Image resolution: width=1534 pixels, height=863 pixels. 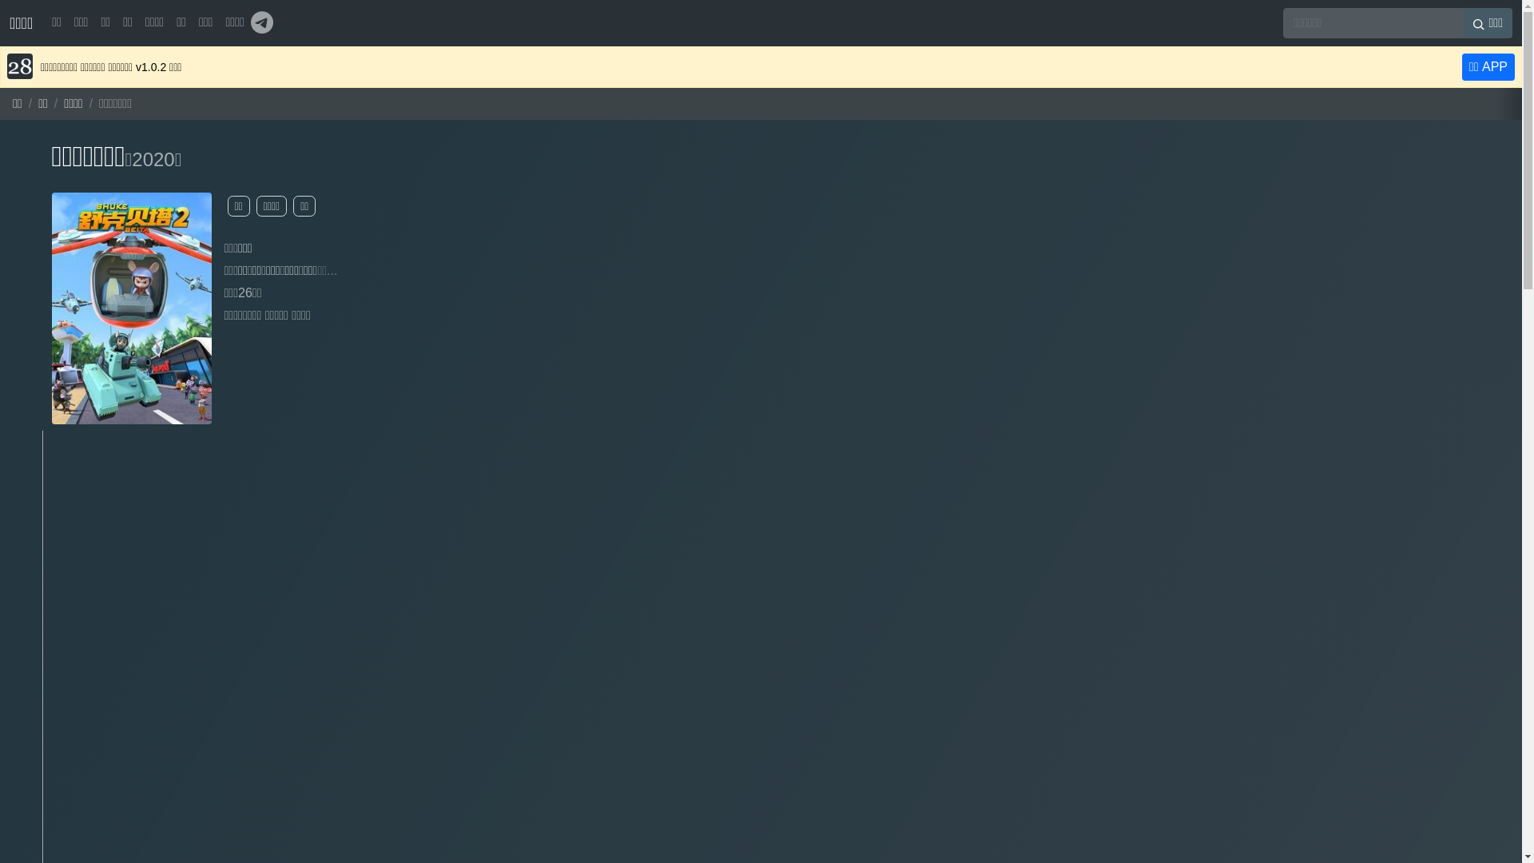 I want to click on '2020', so click(x=153, y=159).